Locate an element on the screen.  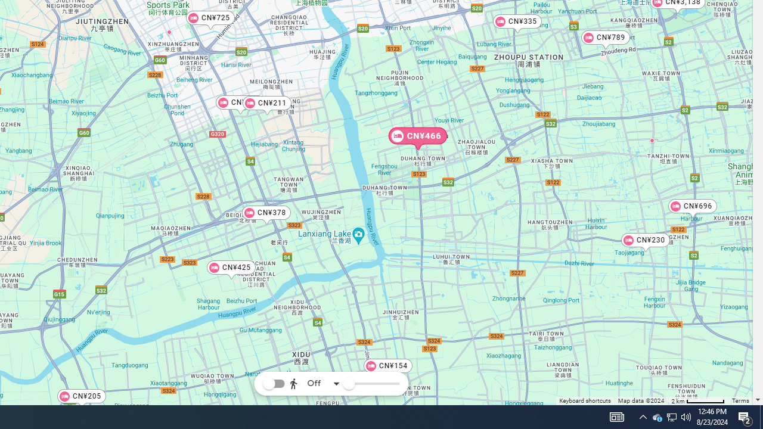
'Off' is located at coordinates (315, 384).